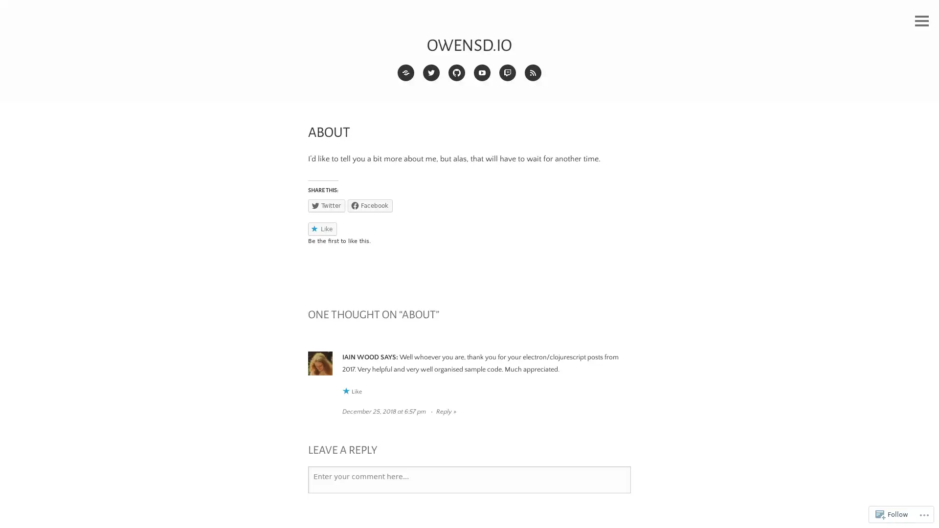 This screenshot has height=528, width=939. I want to click on Sidebar, so click(921, 21).